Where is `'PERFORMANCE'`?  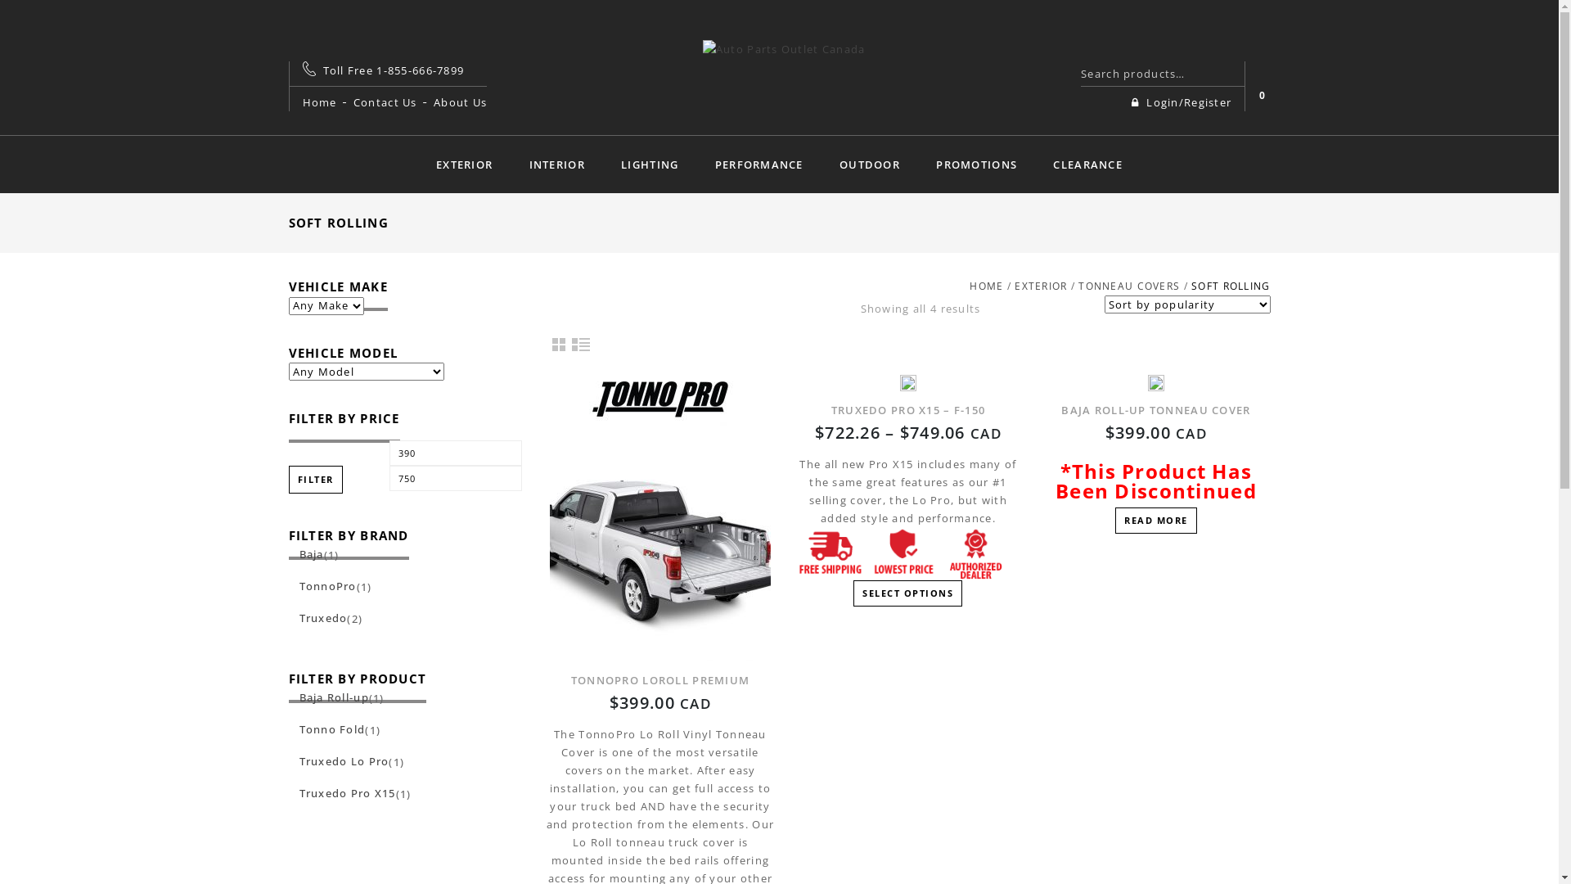 'PERFORMANCE' is located at coordinates (758, 164).